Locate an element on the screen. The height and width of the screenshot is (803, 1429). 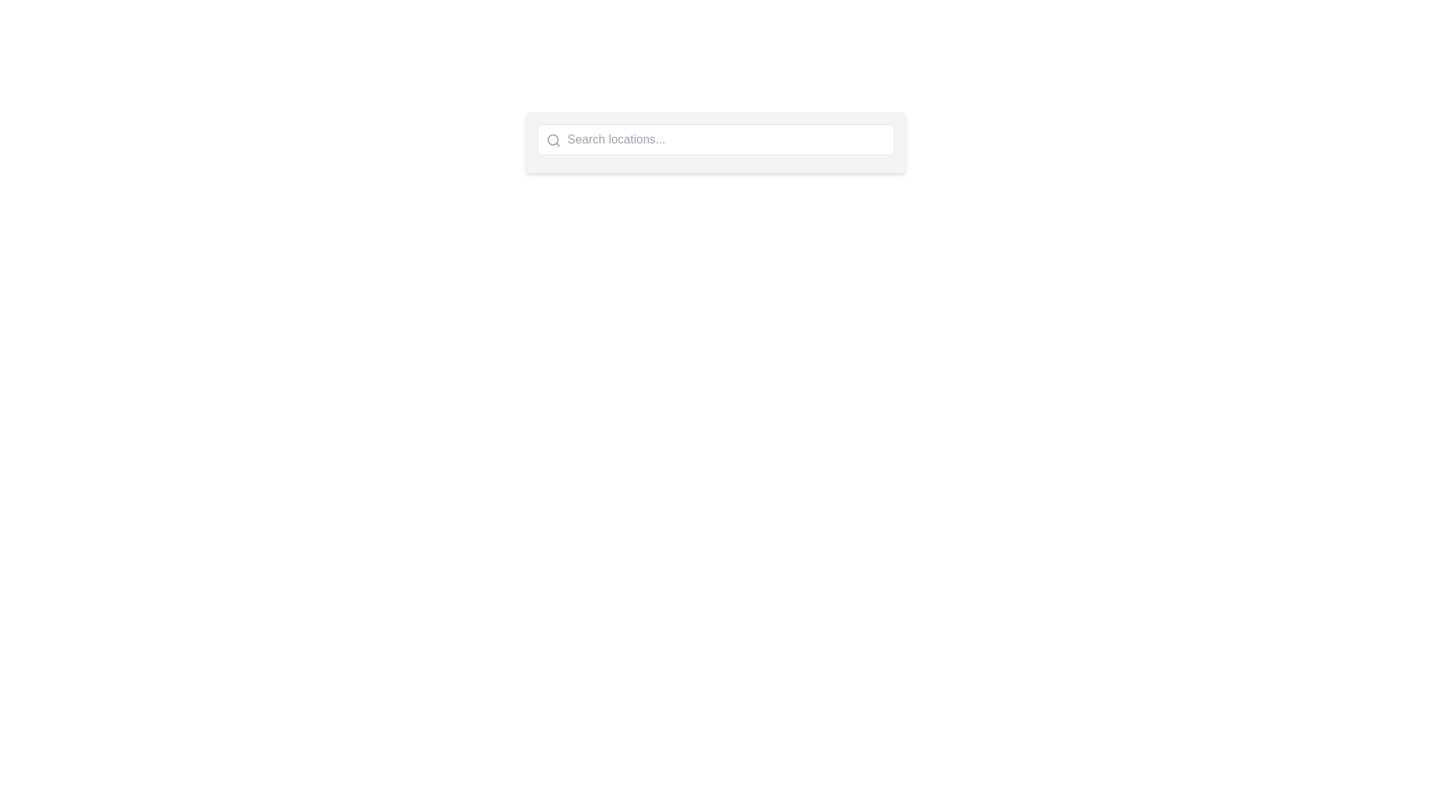
the input field associated with the search icon is located at coordinates (552, 141).